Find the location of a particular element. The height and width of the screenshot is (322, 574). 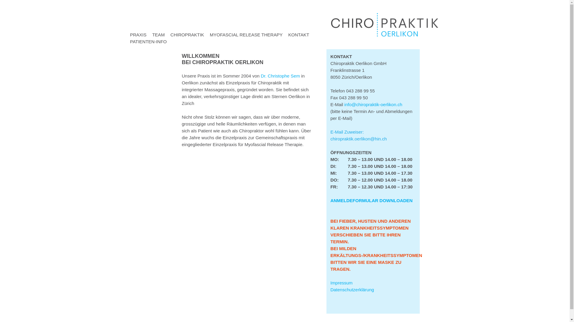

'Impressum' is located at coordinates (341, 286).